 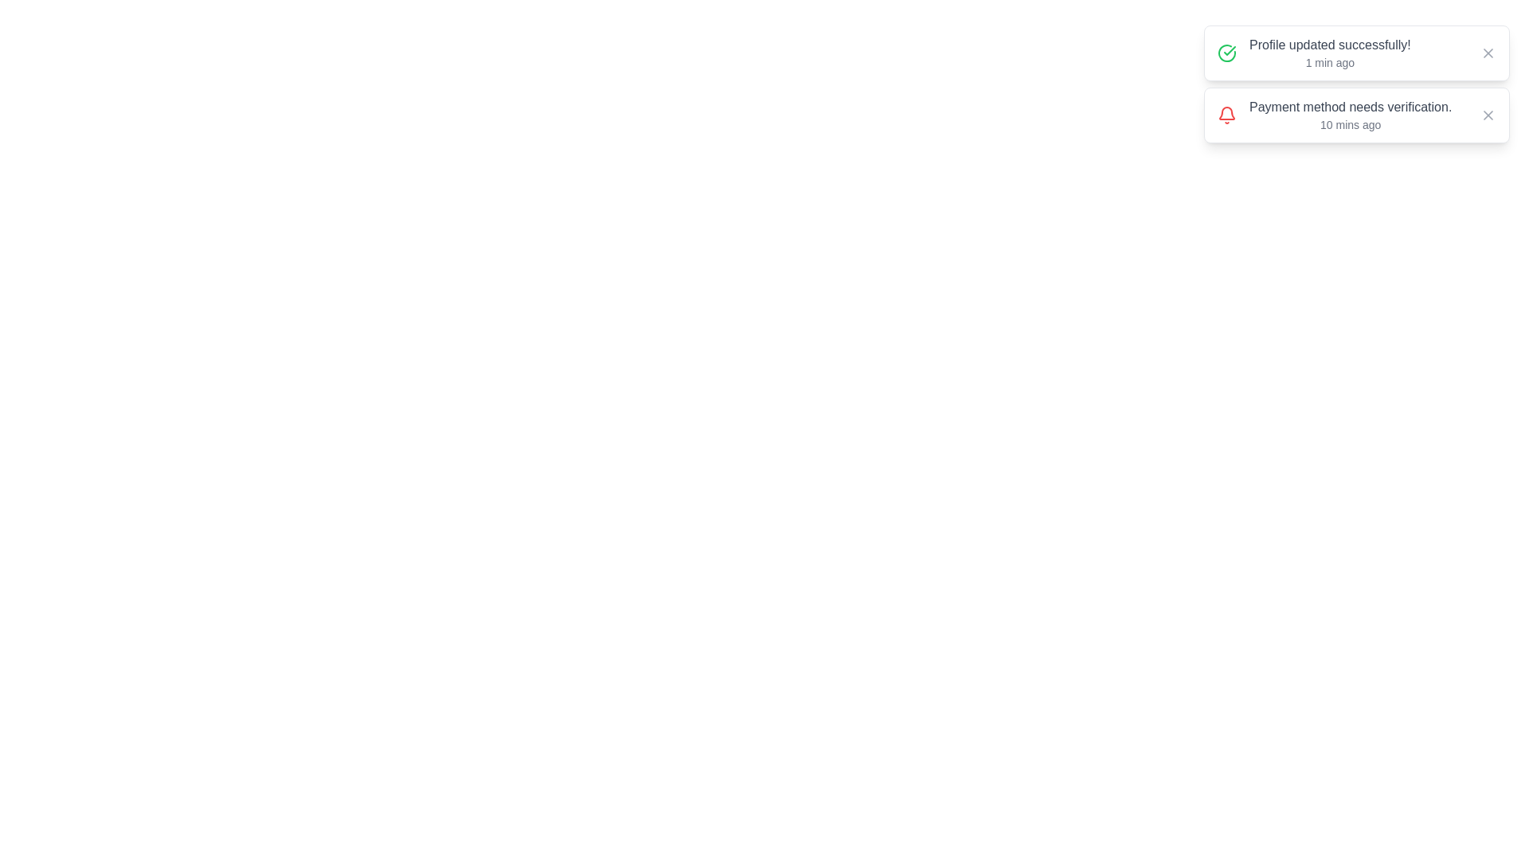 What do you see at coordinates (1330, 52) in the screenshot?
I see `the notification message to read its details` at bounding box center [1330, 52].